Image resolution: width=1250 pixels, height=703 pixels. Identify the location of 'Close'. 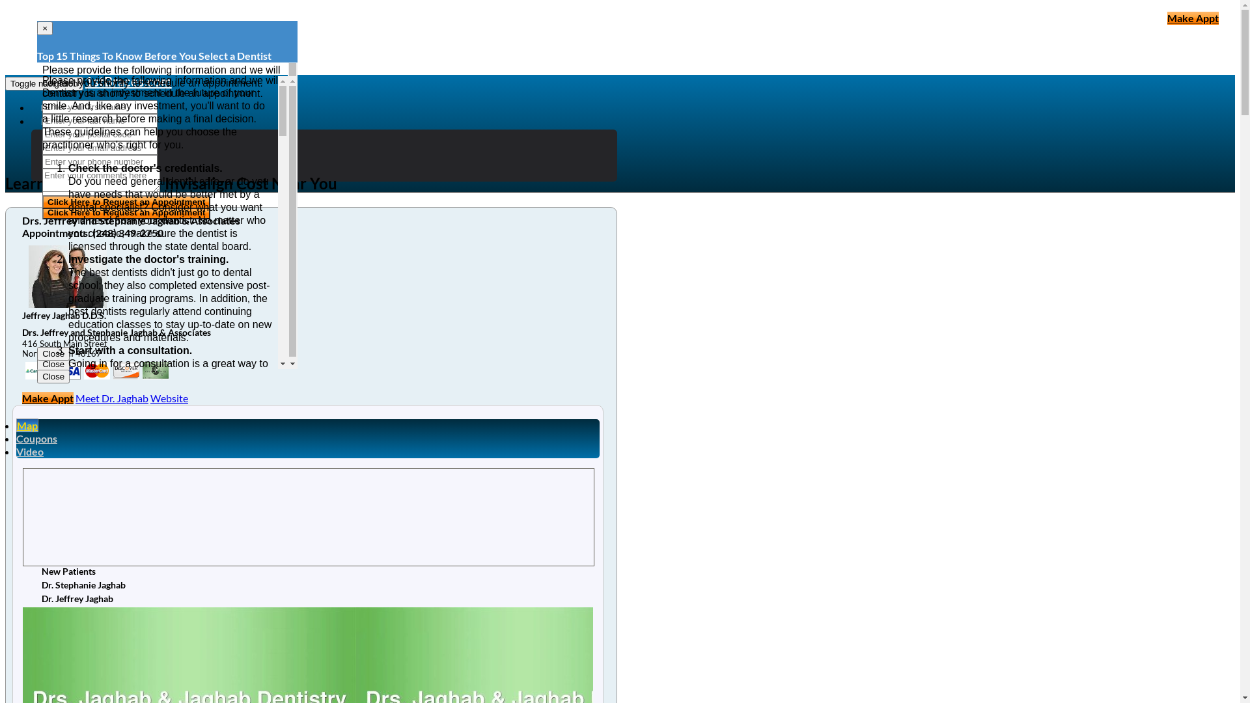
(52, 376).